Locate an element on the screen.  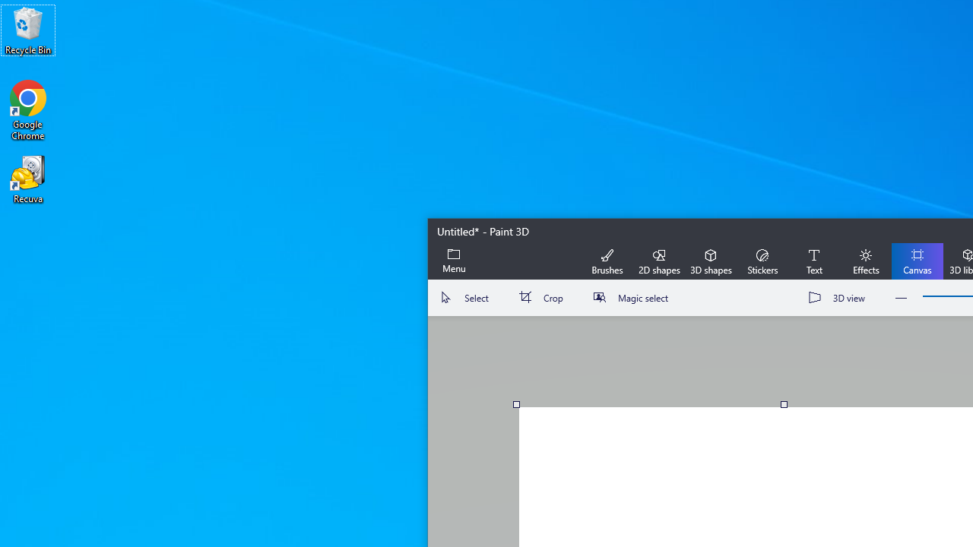
'Recuva' is located at coordinates (28, 178).